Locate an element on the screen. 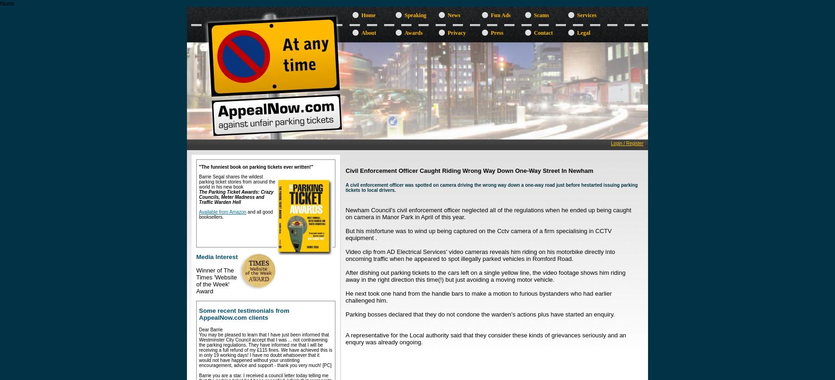  'About' is located at coordinates (369, 33).